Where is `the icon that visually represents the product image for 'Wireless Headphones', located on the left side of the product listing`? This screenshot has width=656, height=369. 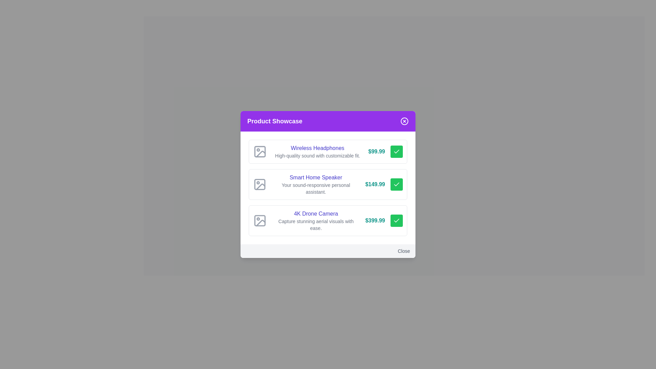
the icon that visually represents the product image for 'Wireless Headphones', located on the left side of the product listing is located at coordinates (260, 151).